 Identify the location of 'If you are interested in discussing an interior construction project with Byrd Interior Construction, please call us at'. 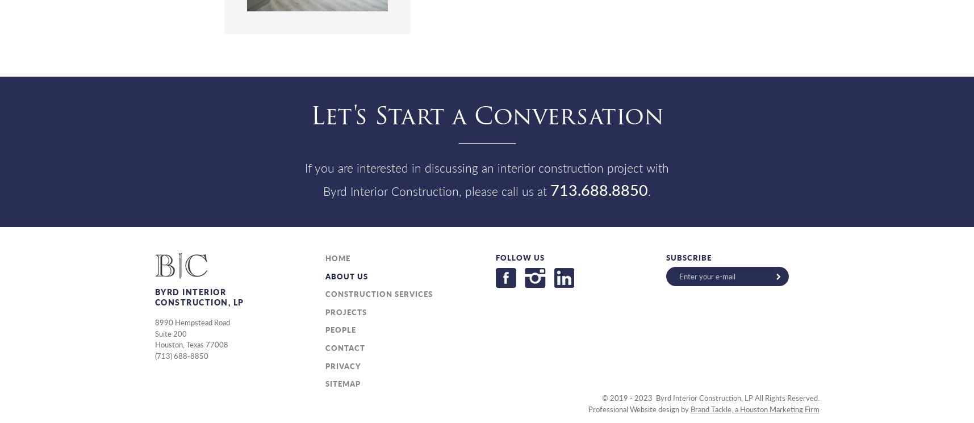
(486, 178).